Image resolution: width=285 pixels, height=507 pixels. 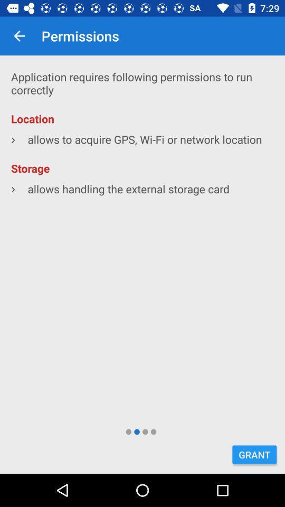 What do you see at coordinates (19, 36) in the screenshot?
I see `item next to permissions` at bounding box center [19, 36].